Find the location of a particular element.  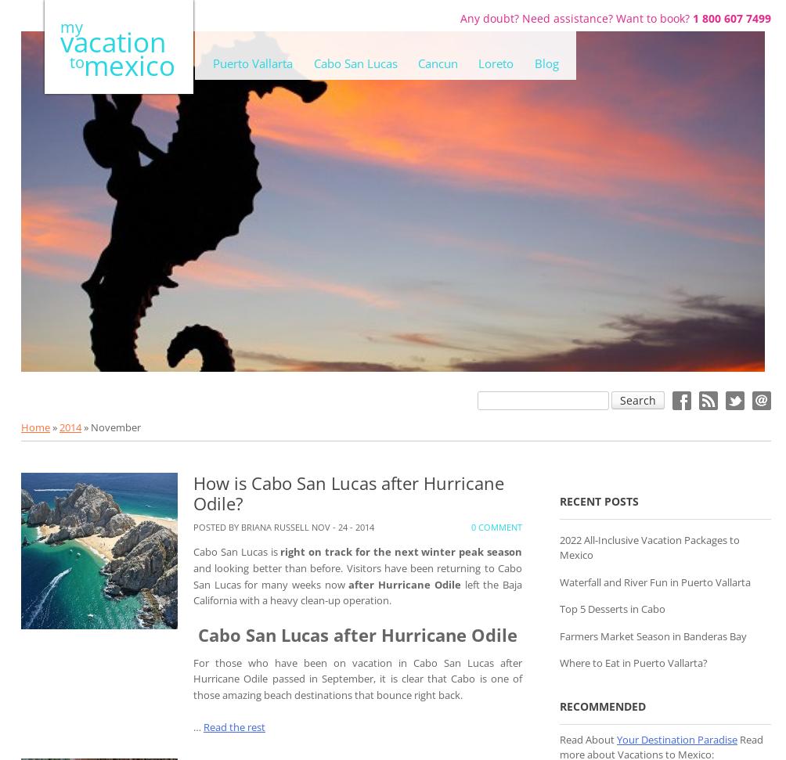

'my' is located at coordinates (71, 27).